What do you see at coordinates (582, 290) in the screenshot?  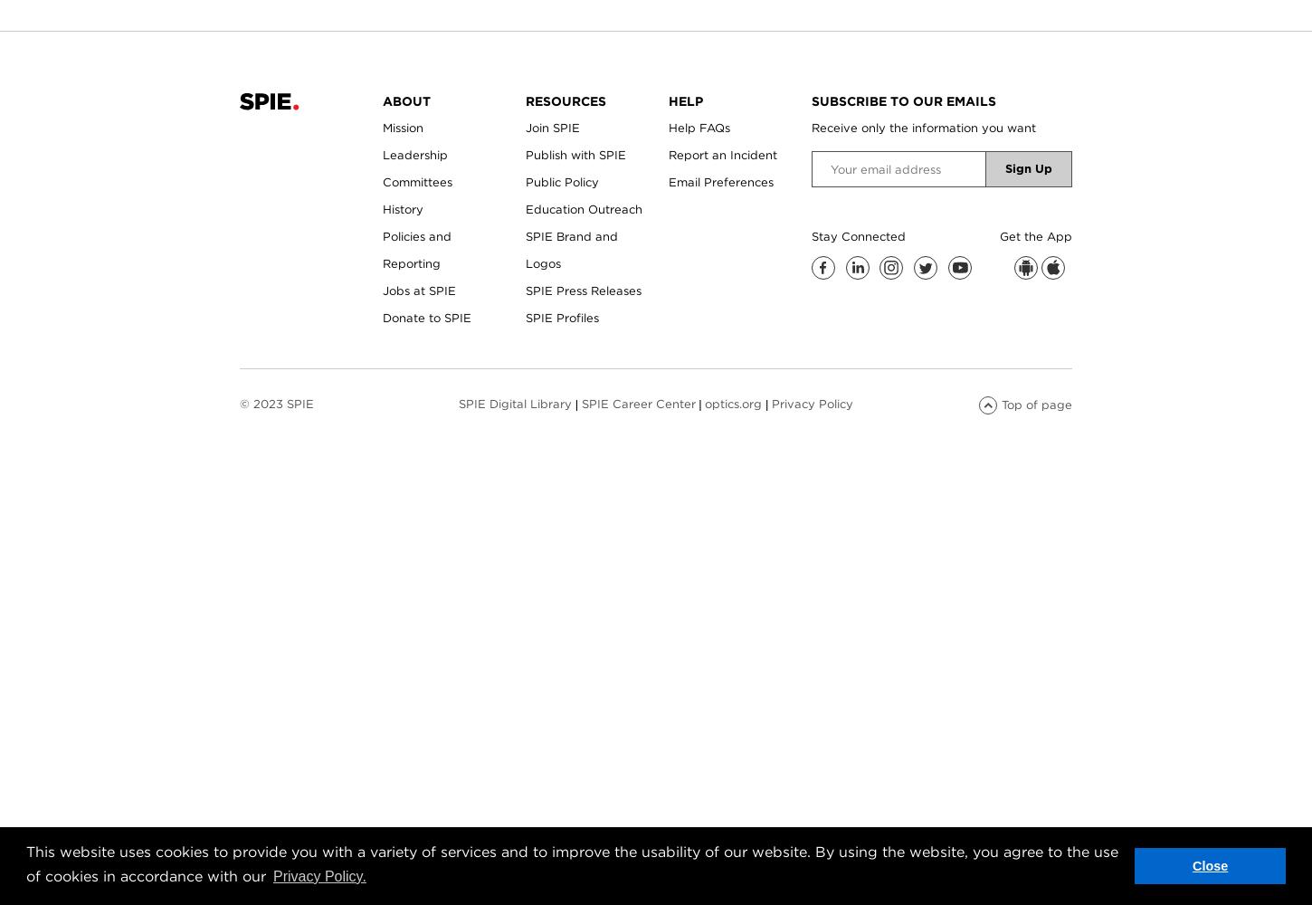 I see `'SPIE Press Releases'` at bounding box center [582, 290].